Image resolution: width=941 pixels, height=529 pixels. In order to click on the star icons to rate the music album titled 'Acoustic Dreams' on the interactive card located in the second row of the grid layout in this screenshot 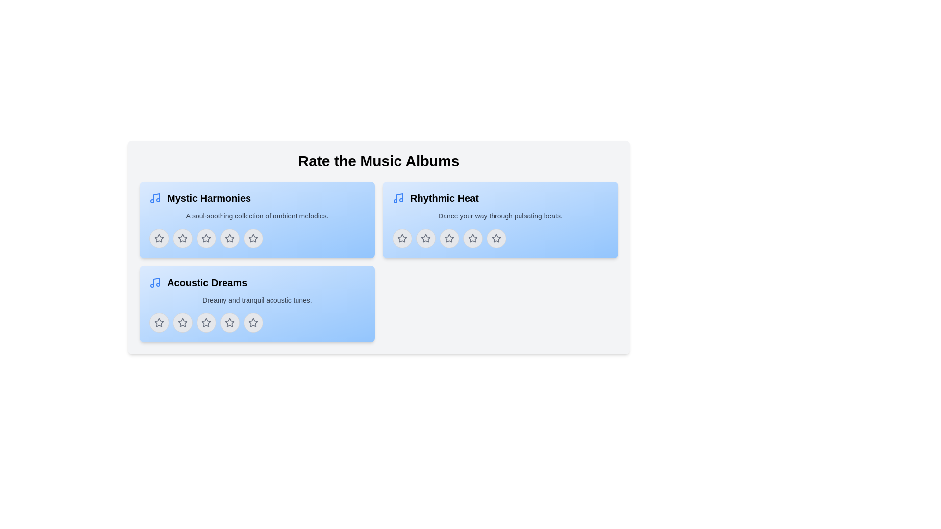, I will do `click(257, 304)`.